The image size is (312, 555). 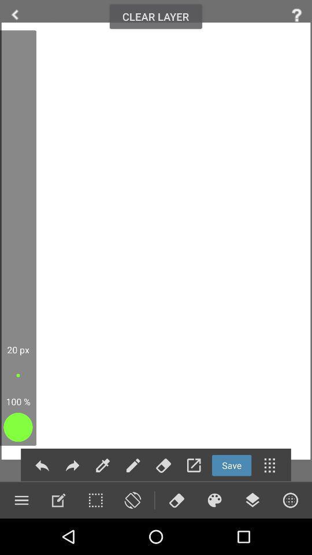 I want to click on writting pencil option, so click(x=132, y=465).